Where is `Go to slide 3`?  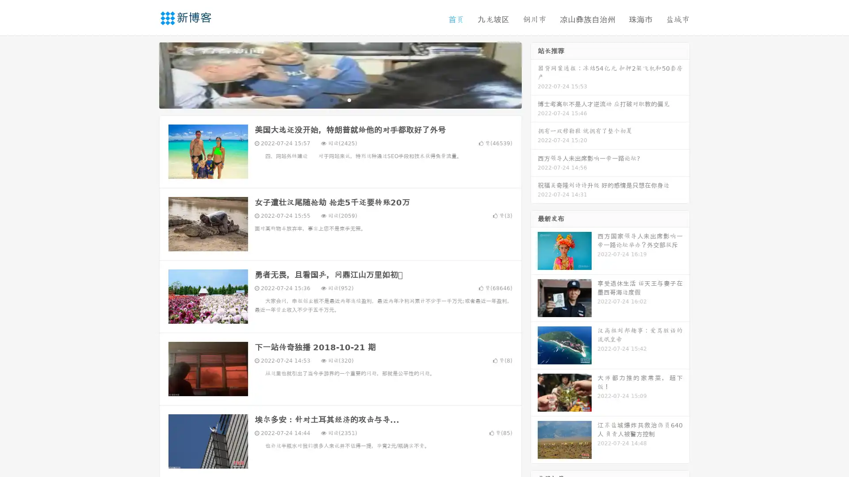 Go to slide 3 is located at coordinates (349, 99).